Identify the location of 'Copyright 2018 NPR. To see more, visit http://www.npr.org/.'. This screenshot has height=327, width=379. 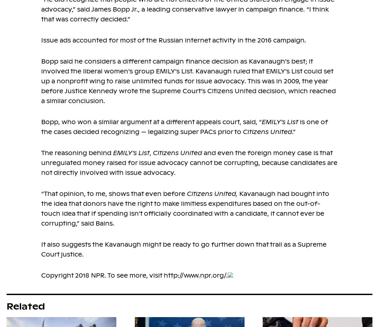
(41, 275).